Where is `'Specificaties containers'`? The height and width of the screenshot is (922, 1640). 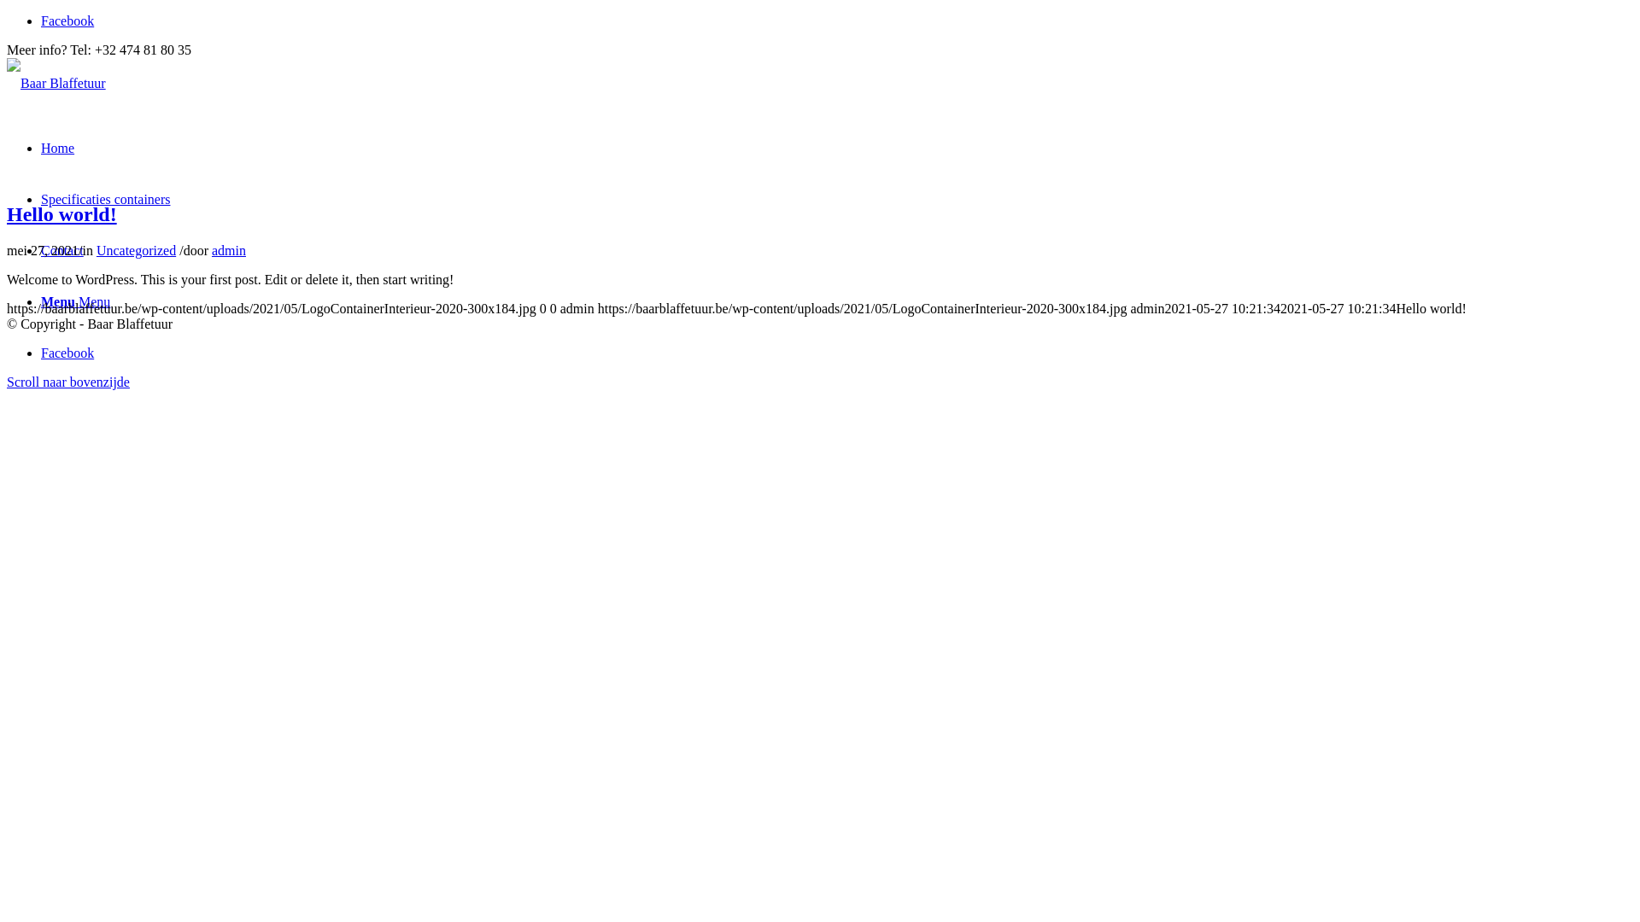 'Specificaties containers' is located at coordinates (105, 198).